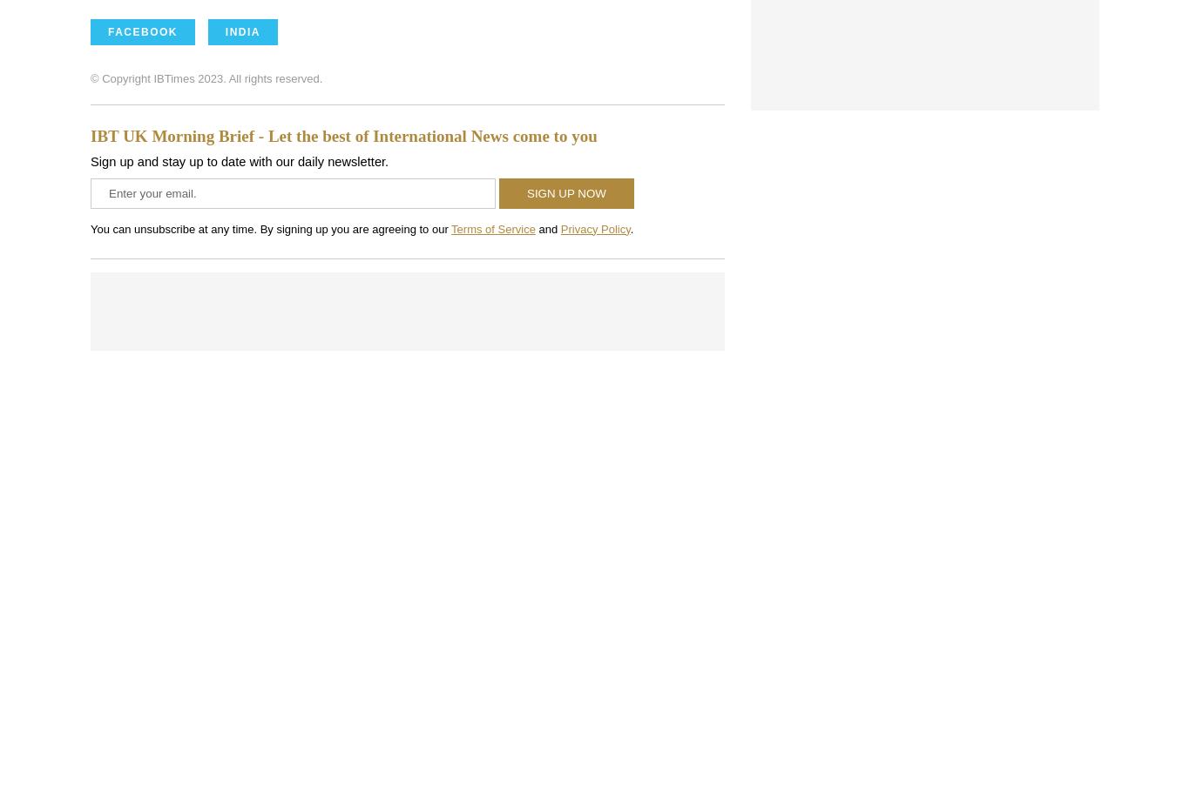  Describe the element at coordinates (546, 227) in the screenshot. I see `'and'` at that location.